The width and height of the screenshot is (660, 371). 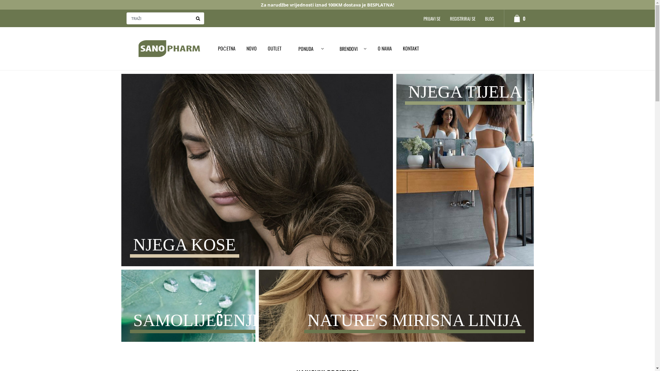 What do you see at coordinates (351, 48) in the screenshot?
I see `'BRENDOVI'` at bounding box center [351, 48].